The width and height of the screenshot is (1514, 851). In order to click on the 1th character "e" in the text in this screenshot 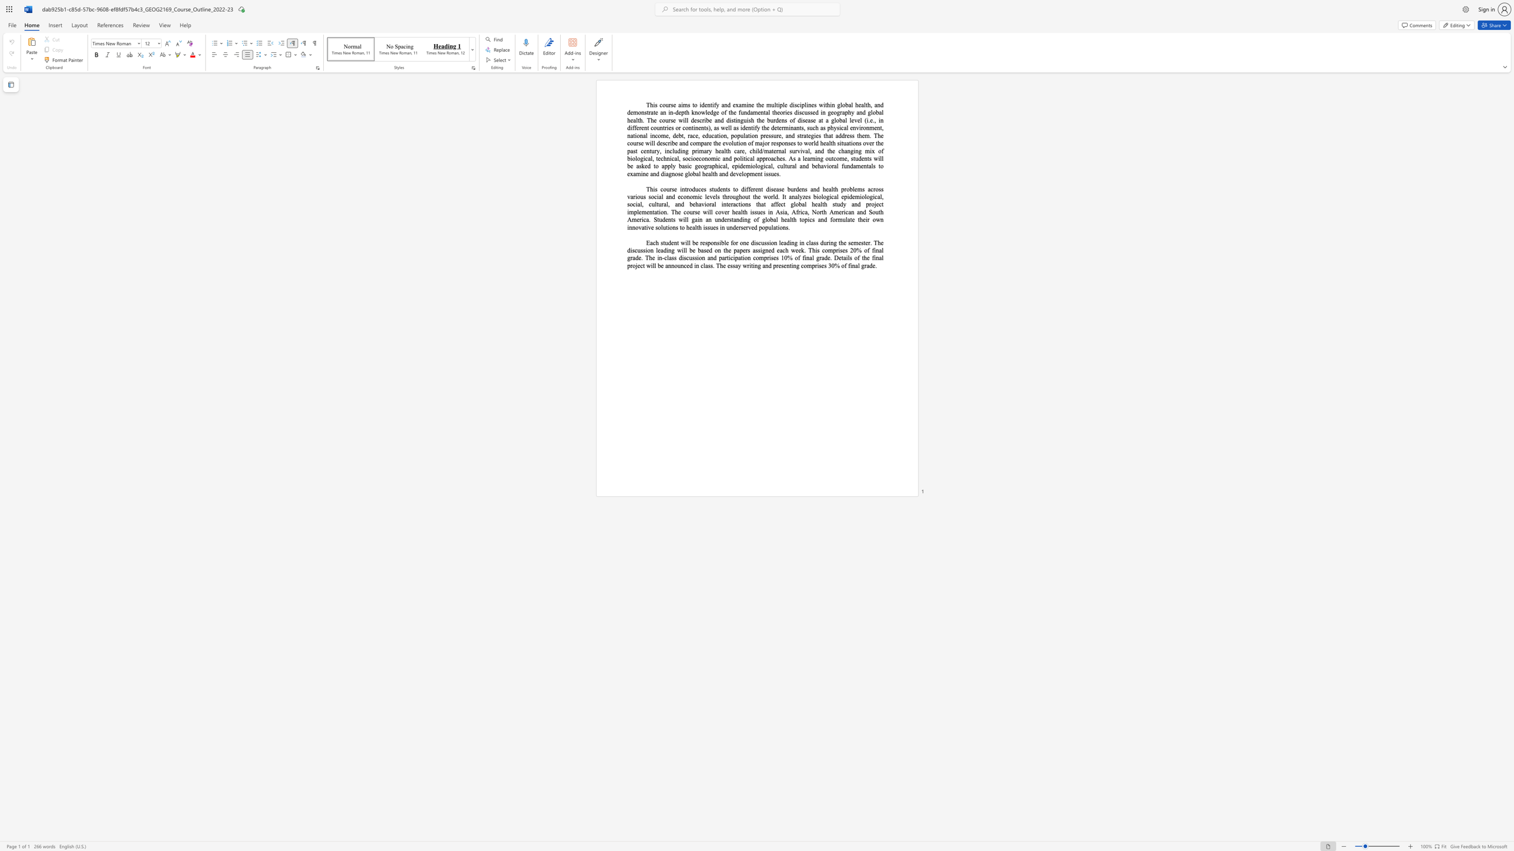, I will do `click(806, 159)`.